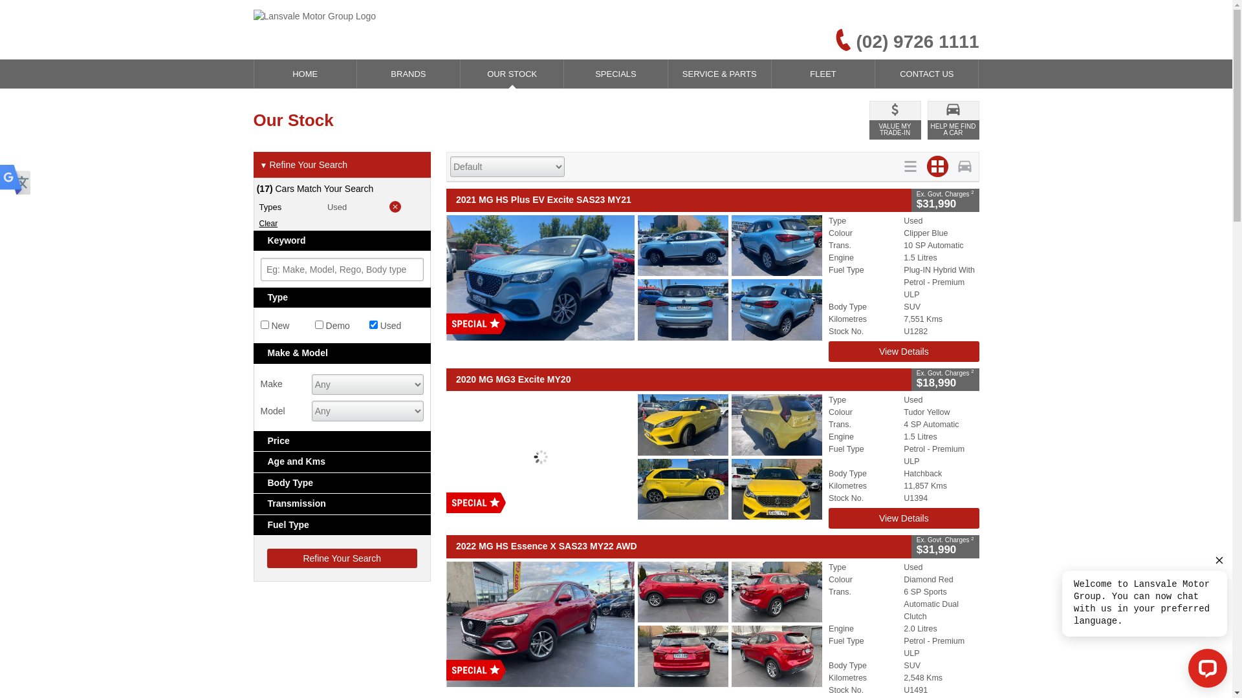  What do you see at coordinates (926, 74) in the screenshot?
I see `'CONTACT US'` at bounding box center [926, 74].